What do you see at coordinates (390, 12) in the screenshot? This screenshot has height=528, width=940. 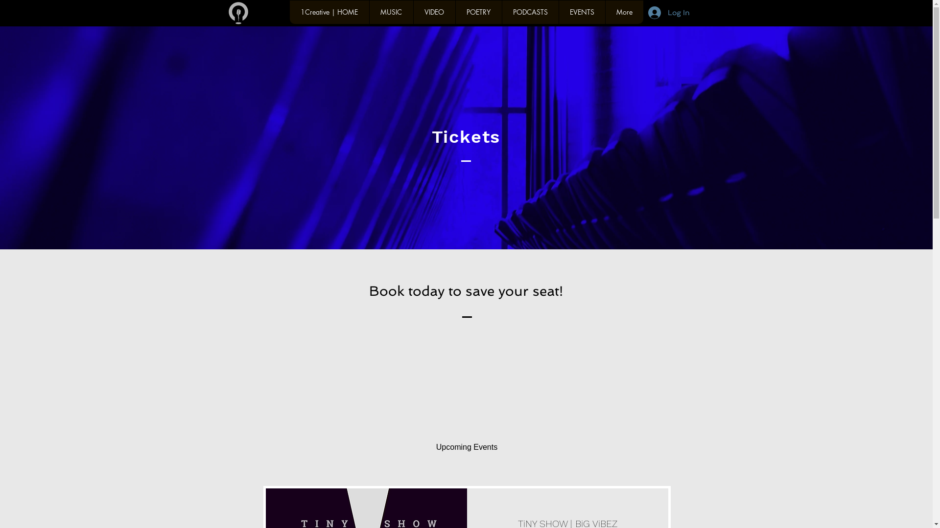 I see `'MUSIC'` at bounding box center [390, 12].